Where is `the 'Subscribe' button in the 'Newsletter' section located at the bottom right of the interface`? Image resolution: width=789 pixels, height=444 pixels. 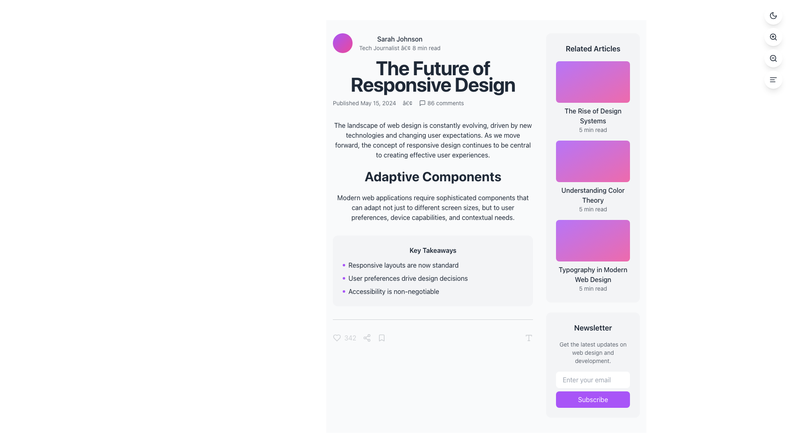 the 'Subscribe' button in the 'Newsletter' section located at the bottom right of the interface is located at coordinates (593, 399).